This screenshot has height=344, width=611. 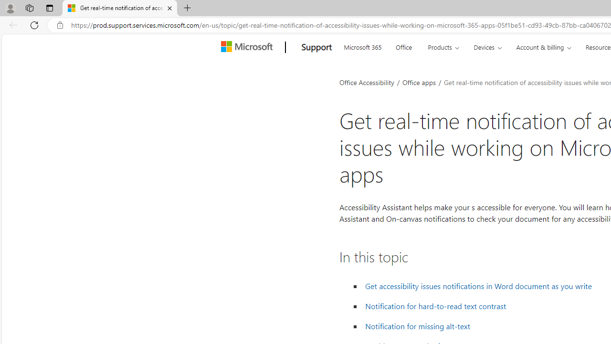 What do you see at coordinates (11, 24) in the screenshot?
I see `'Back'` at bounding box center [11, 24].